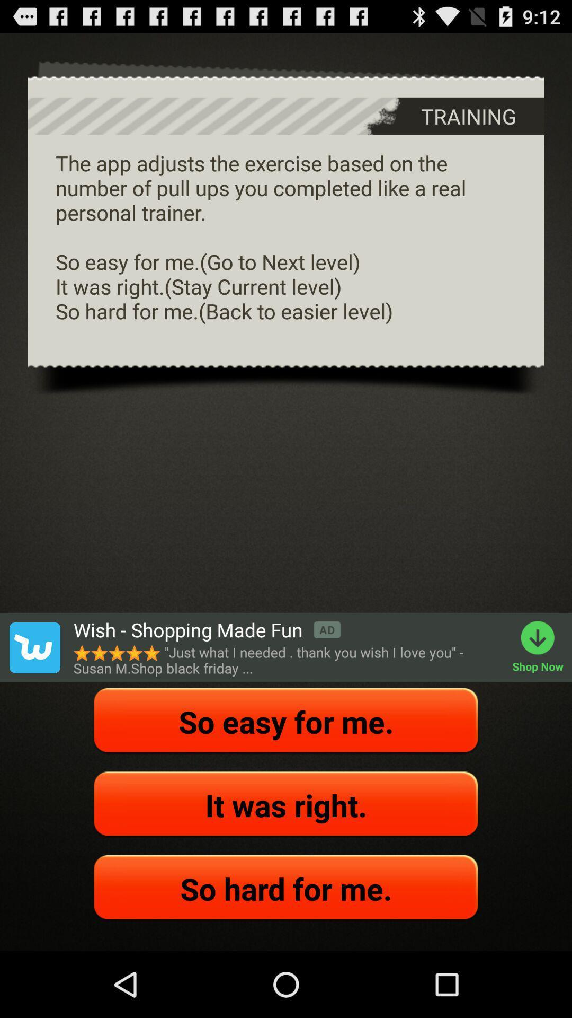  I want to click on the wish shopping made, so click(207, 630).